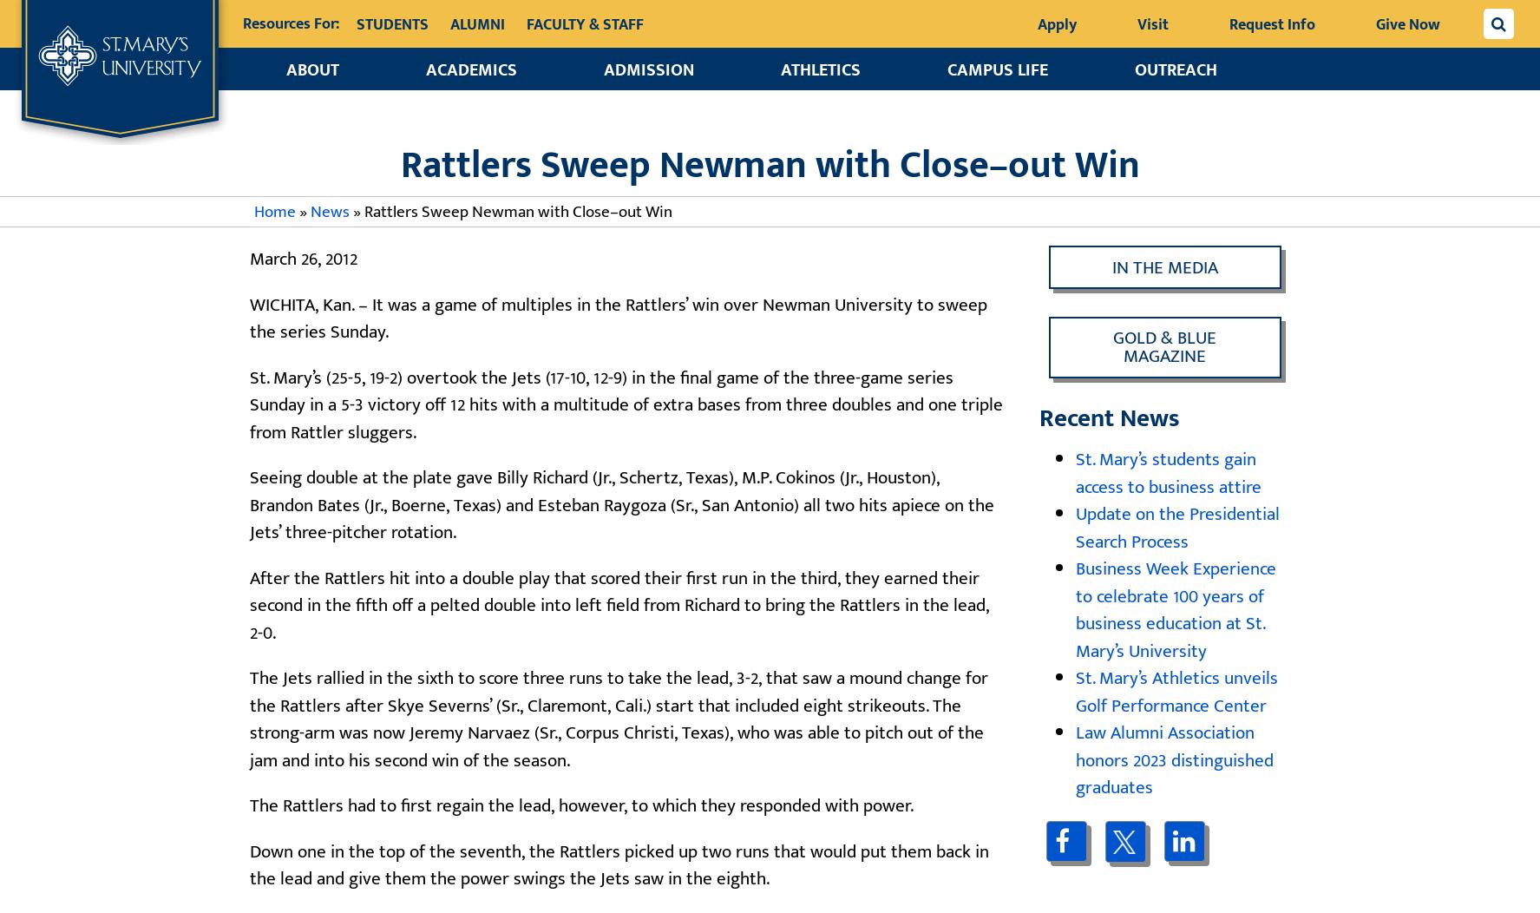  I want to click on 'Down one in the top of the seventh, the Rattlers picked up two runs that would put them back in the lead and give them the power swings the Jets saw in the eighth.', so click(618, 864).